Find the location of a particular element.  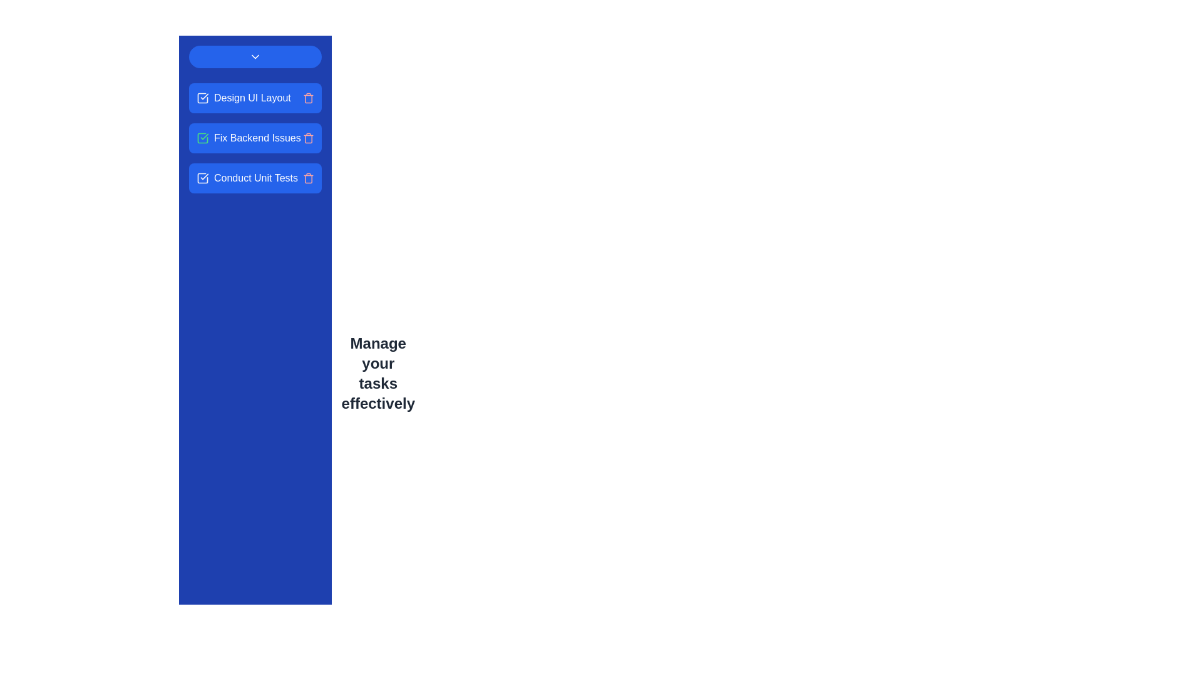

the delete button represented by a trash can icon with a red color scheme, located at the far right end of the 'Design UI Layout' list item is located at coordinates (308, 98).